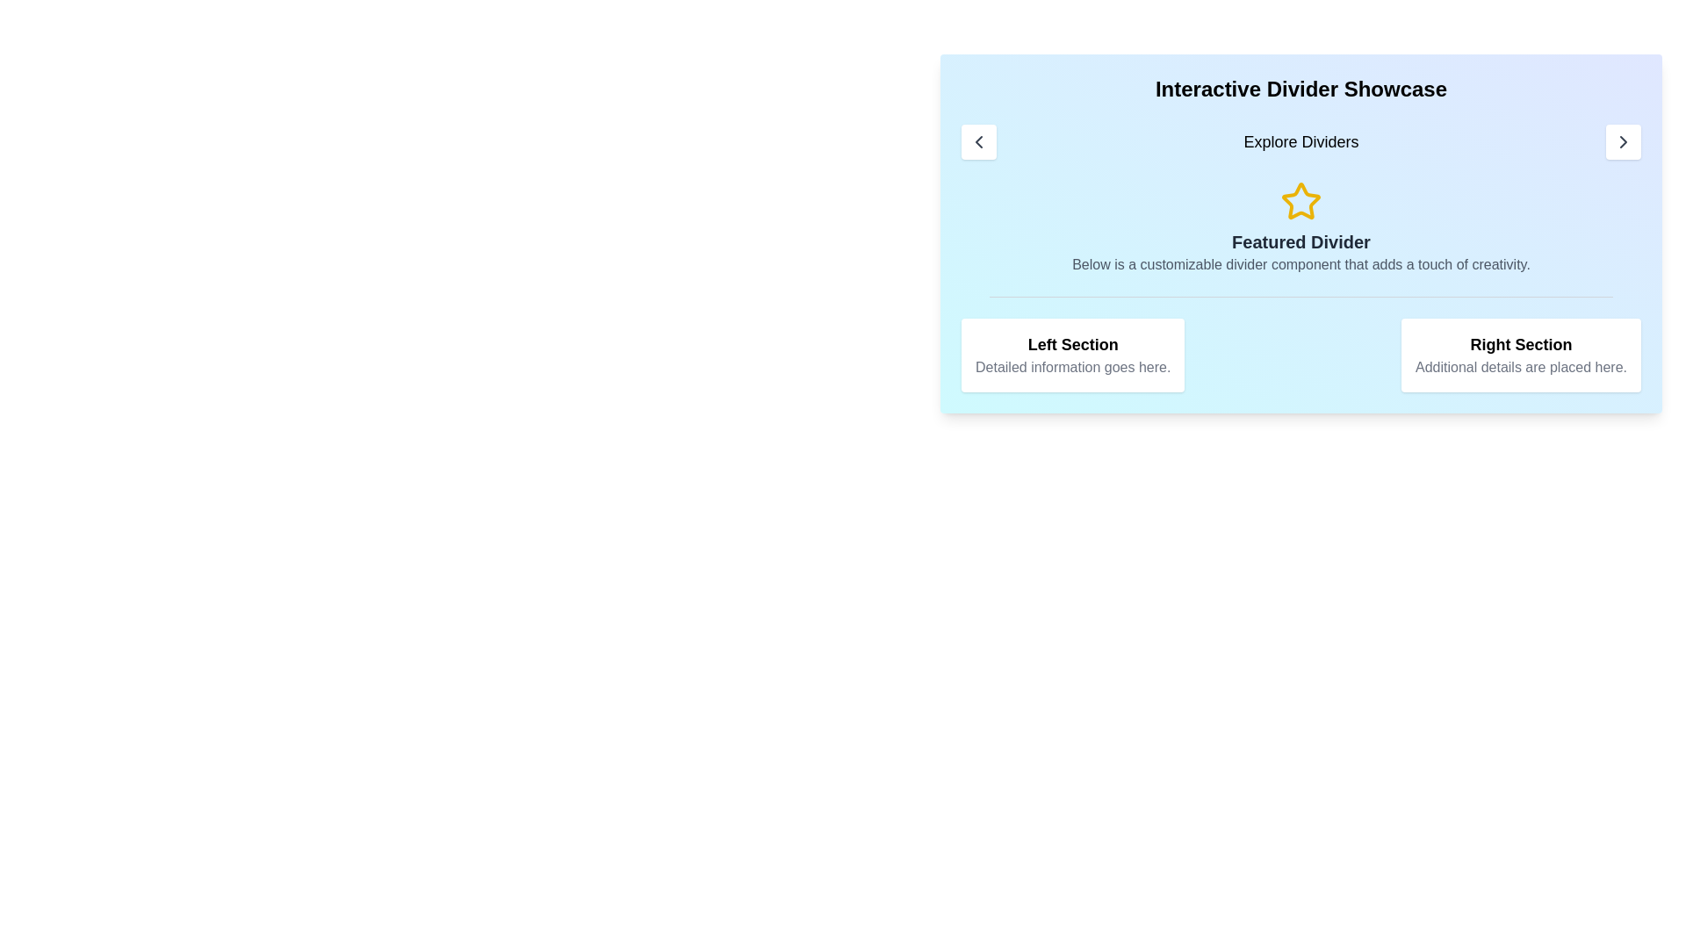 The image size is (1686, 948). I want to click on information provided in the Informational block highlighting the 'Featured Divider', located below the 'Explore Dividers' header and above the horizontal line separating the 'Left Section' and 'Right Section', so click(1301, 226).